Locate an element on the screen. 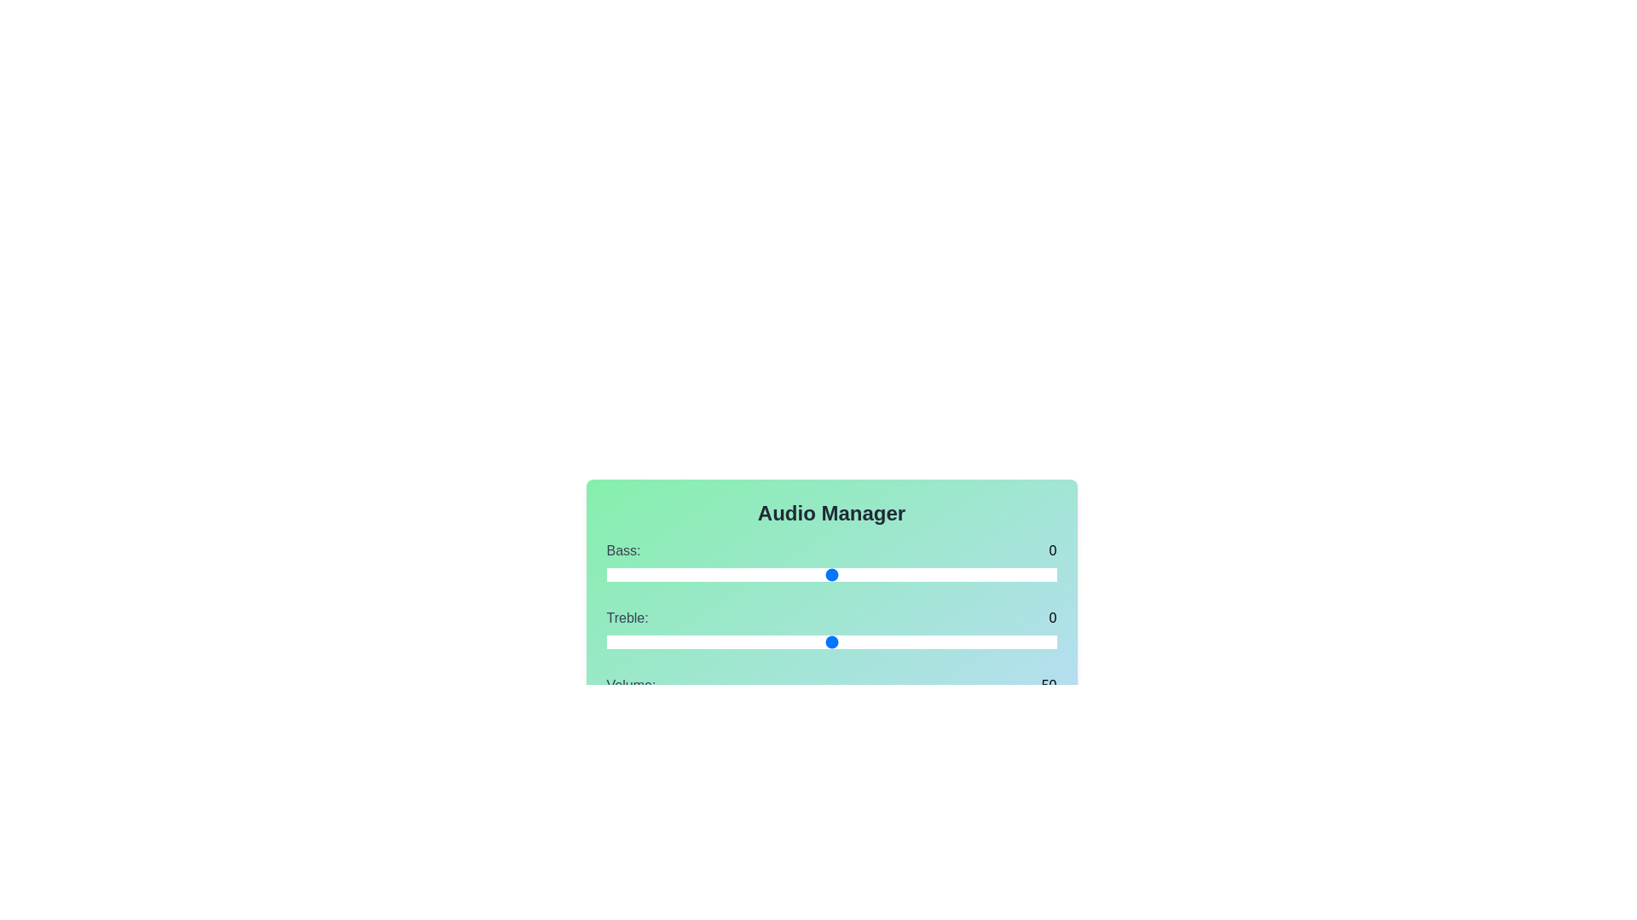 This screenshot has width=1637, height=920. the Treble slider to 0 is located at coordinates (831, 641).